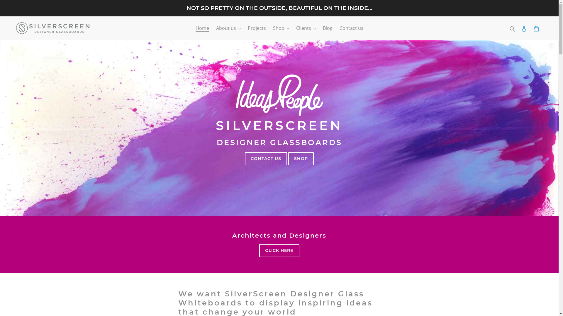 Image resolution: width=563 pixels, height=316 pixels. I want to click on 'CLICK HERE', so click(279, 250).